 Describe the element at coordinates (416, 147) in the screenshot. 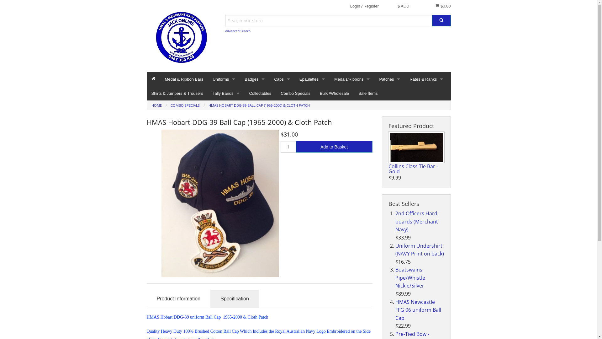

I see `'Collins Class Tie Bar - Gold '` at that location.